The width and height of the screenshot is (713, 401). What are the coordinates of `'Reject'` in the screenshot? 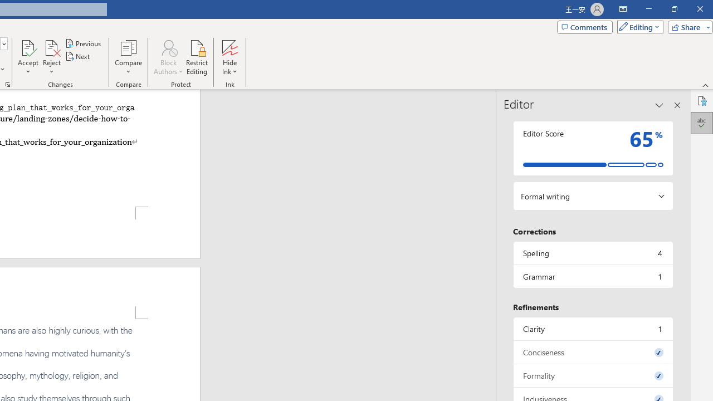 It's located at (51, 57).